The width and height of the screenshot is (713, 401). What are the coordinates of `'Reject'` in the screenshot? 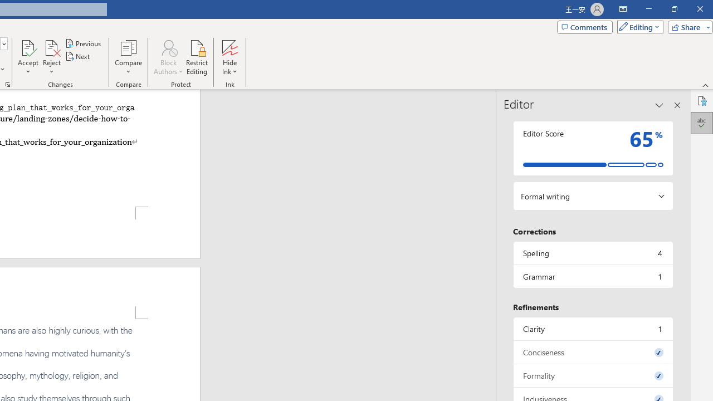 It's located at (51, 57).